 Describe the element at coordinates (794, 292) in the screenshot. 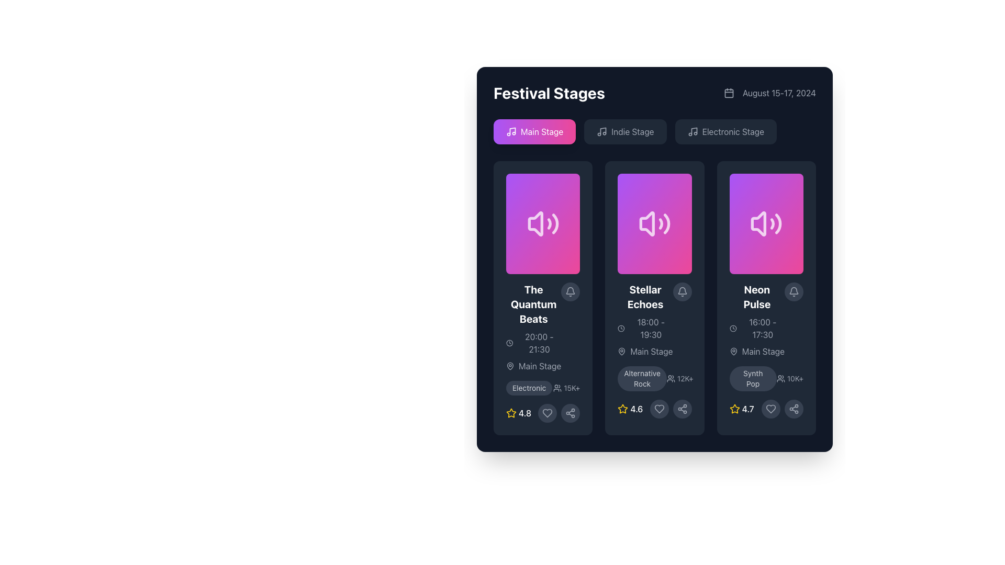

I see `the circular notification button featuring a bell symbol located at the top-right corner of the 'Neon Pulse' card` at that location.